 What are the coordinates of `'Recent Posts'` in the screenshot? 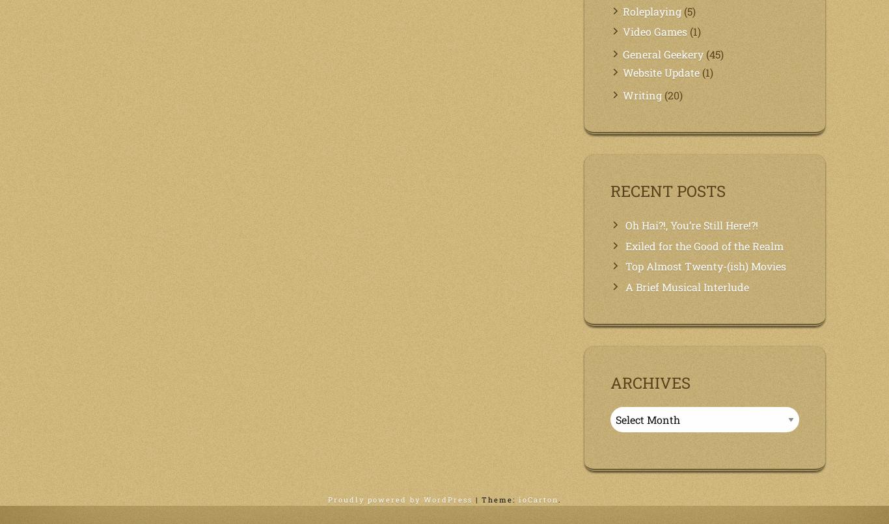 It's located at (667, 190).